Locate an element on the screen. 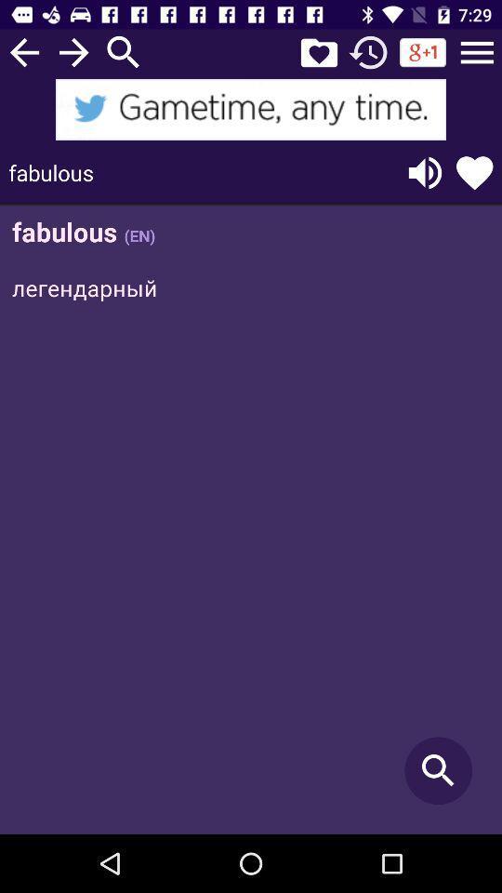  change volume is located at coordinates (425, 172).